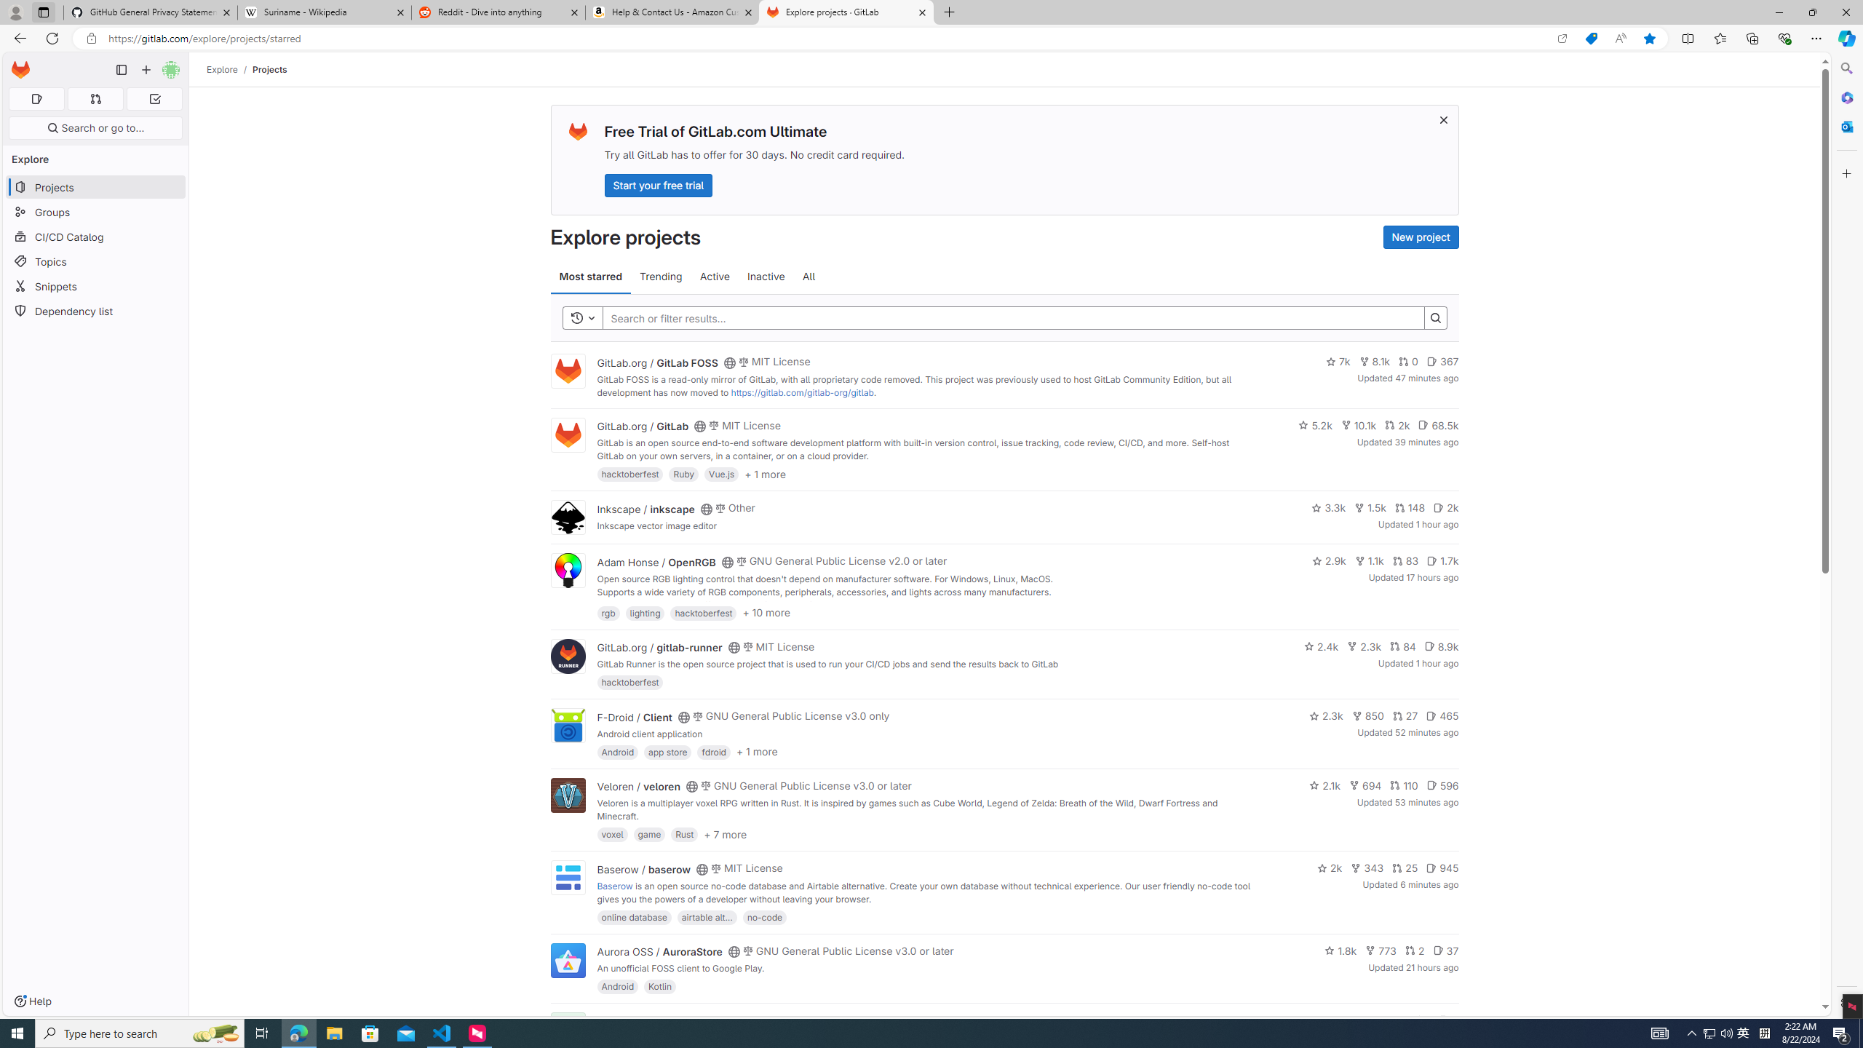 The image size is (1863, 1048). I want to click on 'New project', so click(1421, 237).